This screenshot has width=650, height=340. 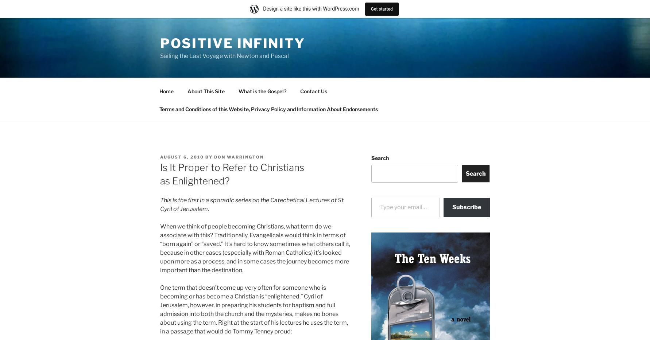 I want to click on 'Is It Proper to Refer to Christians as Enlightened?', so click(x=160, y=174).